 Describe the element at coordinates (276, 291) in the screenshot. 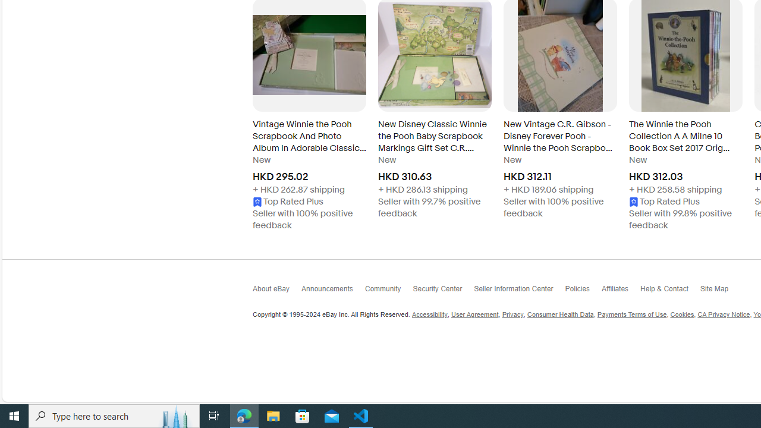

I see `'About eBay'` at that location.